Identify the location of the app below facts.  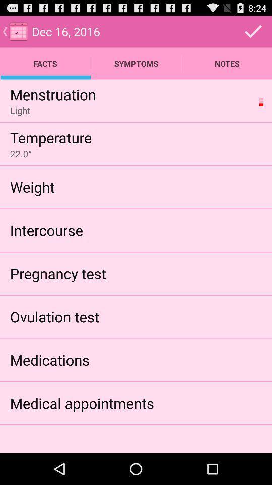
(53, 94).